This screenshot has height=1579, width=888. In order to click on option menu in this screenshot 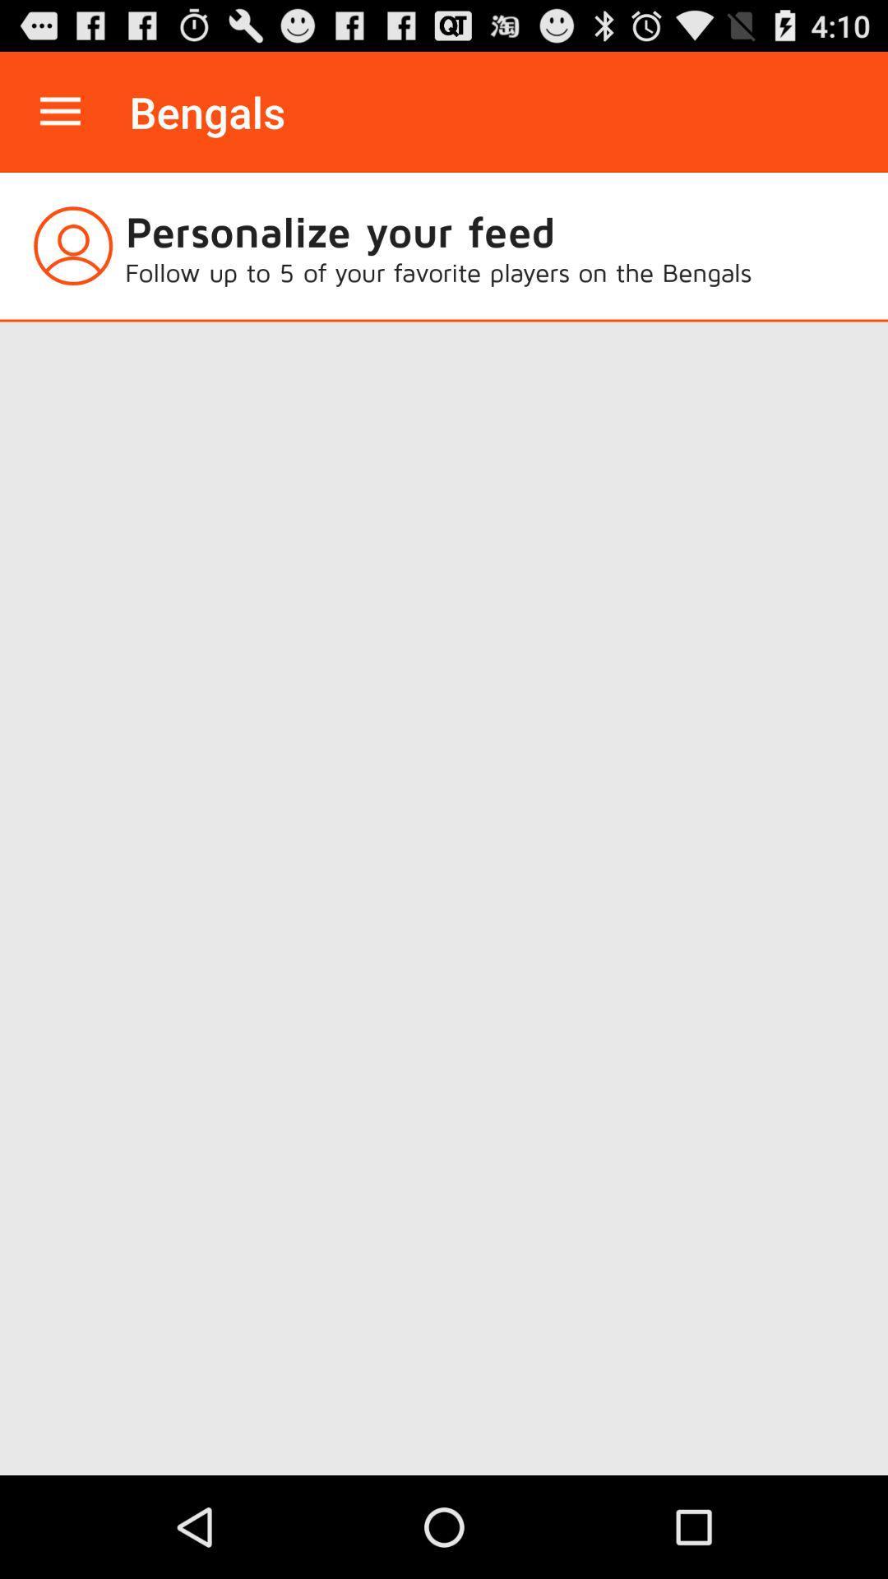, I will do `click(59, 111)`.